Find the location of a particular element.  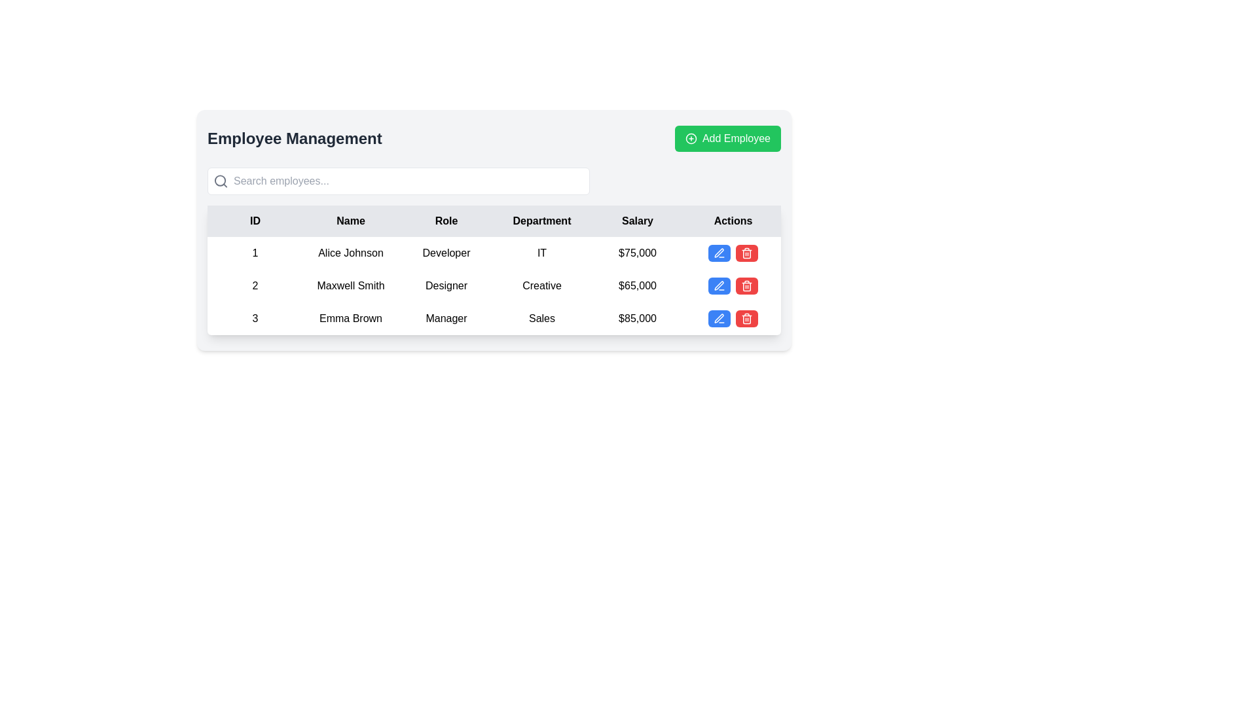

the 'Name' column header in the data table, which is the second column header located between 'ID' and 'Role' is located at coordinates (351, 221).